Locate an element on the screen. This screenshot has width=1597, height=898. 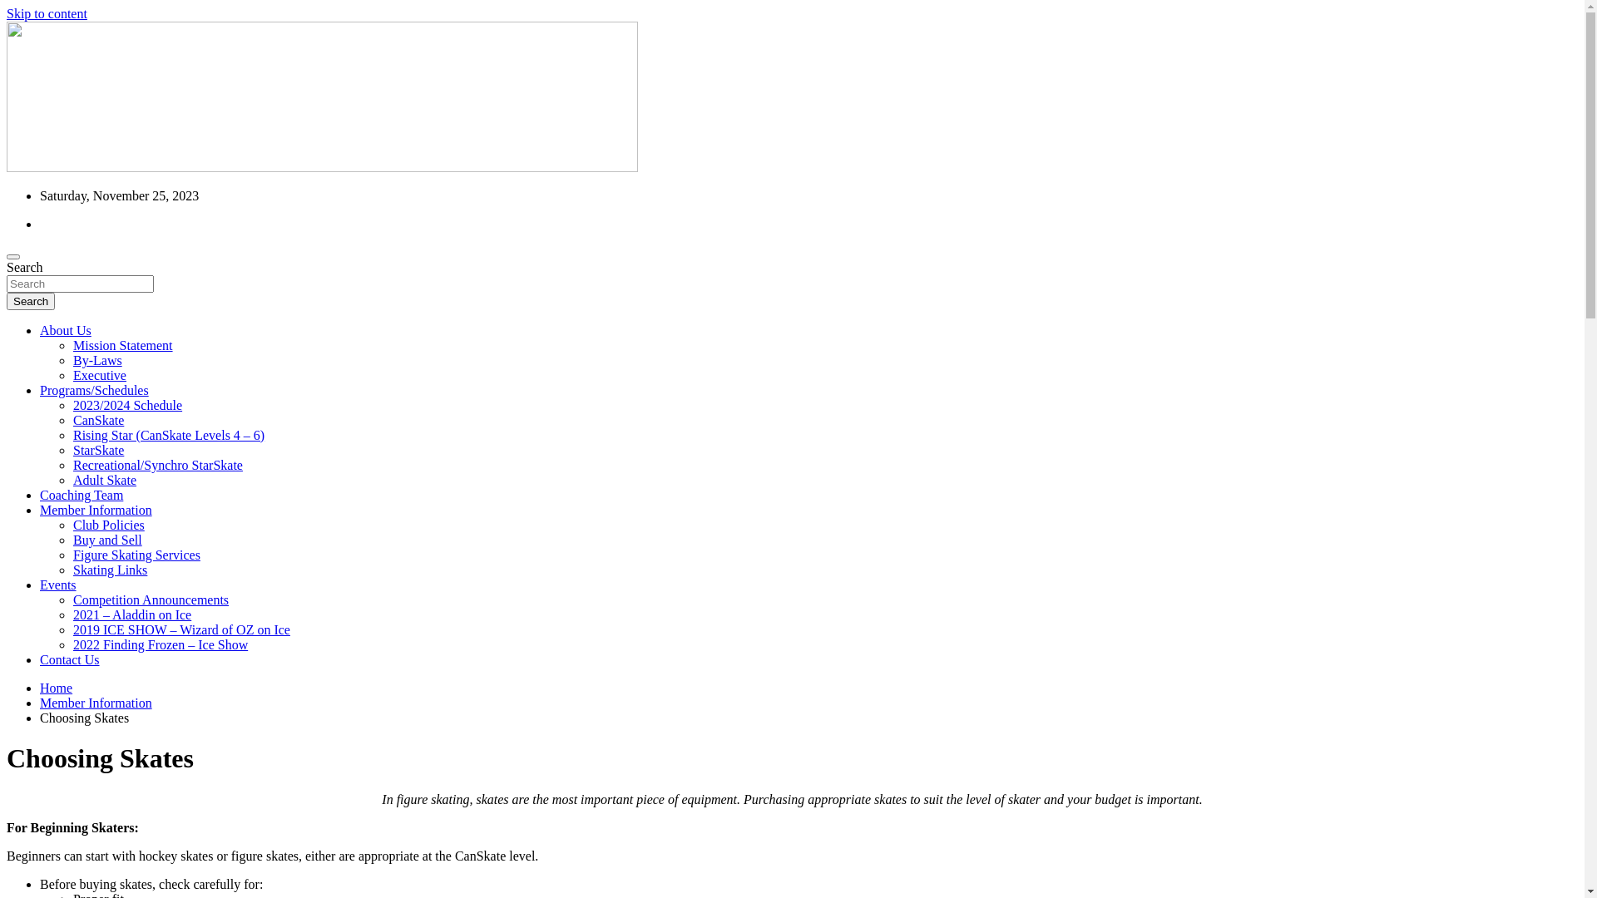
'Skip to content' is located at coordinates (47, 13).